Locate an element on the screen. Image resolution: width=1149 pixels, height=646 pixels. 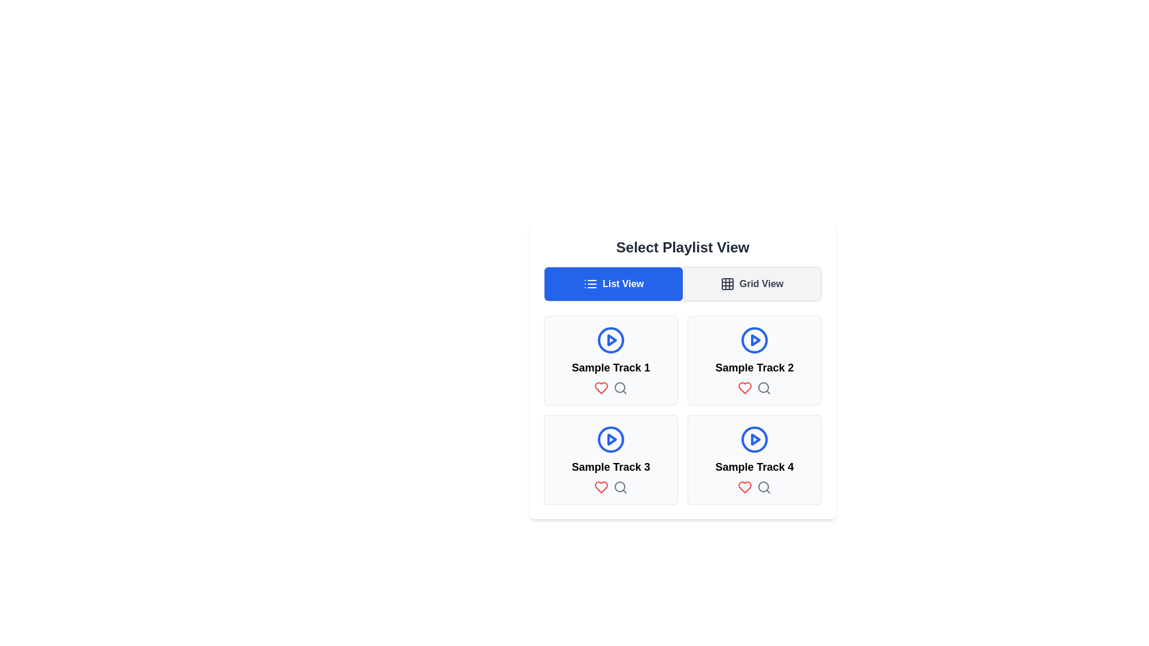
the blue triangular play icon within the circular outline located in the lower-right region of the fourth item in the grid view to initiate playback of the associated content is located at coordinates (755, 440).